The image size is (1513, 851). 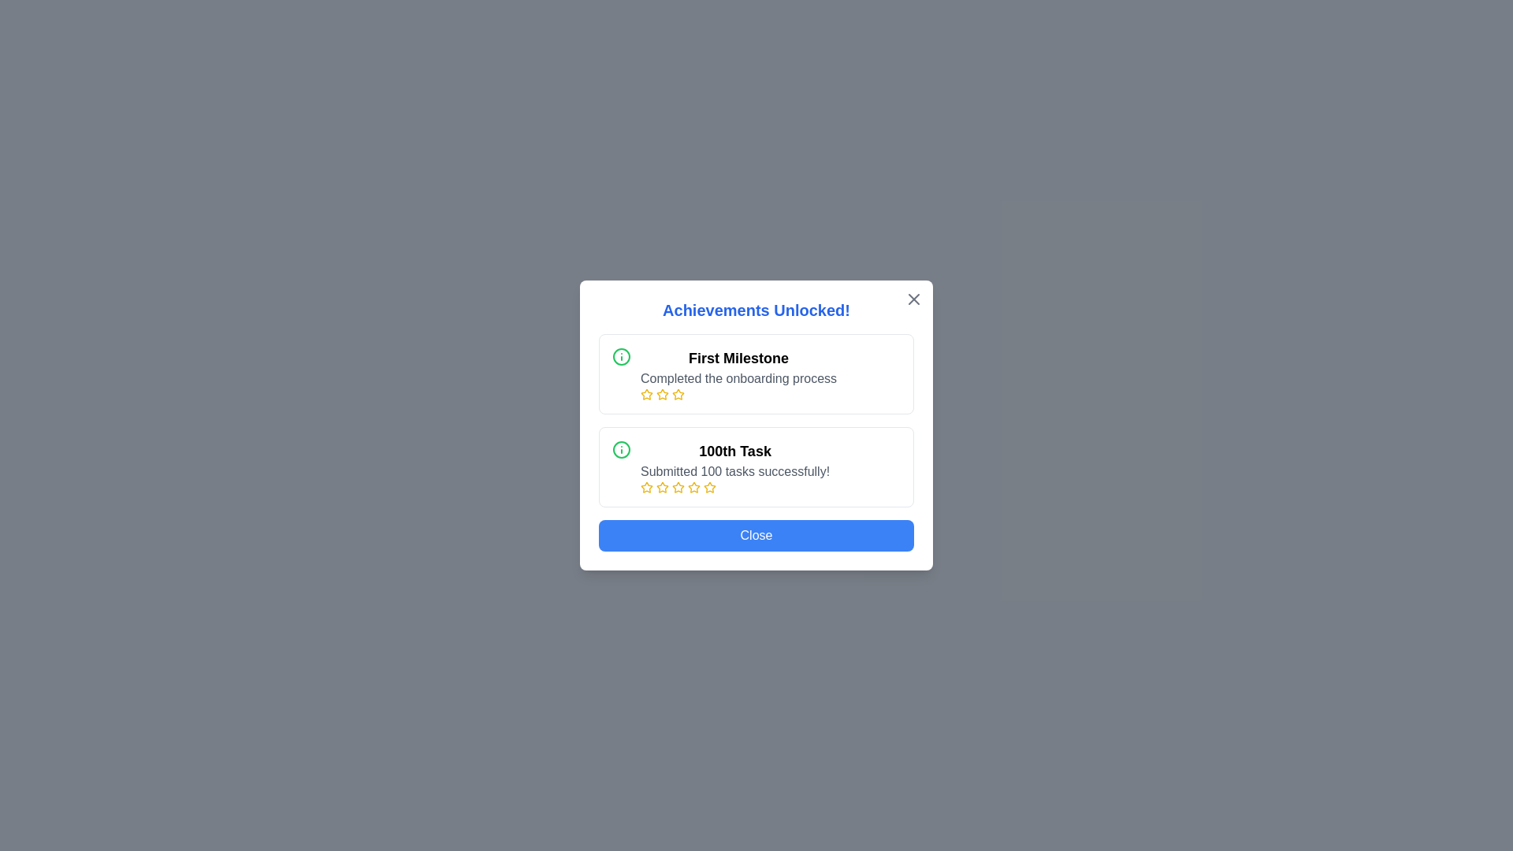 I want to click on the informational text element displaying 'First Milestone' with a description of 'Completed the onboarding process', located under the title 'Achievements Unlocked!', so click(x=738, y=373).